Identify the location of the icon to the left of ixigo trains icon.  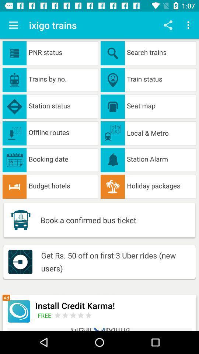
(13, 25).